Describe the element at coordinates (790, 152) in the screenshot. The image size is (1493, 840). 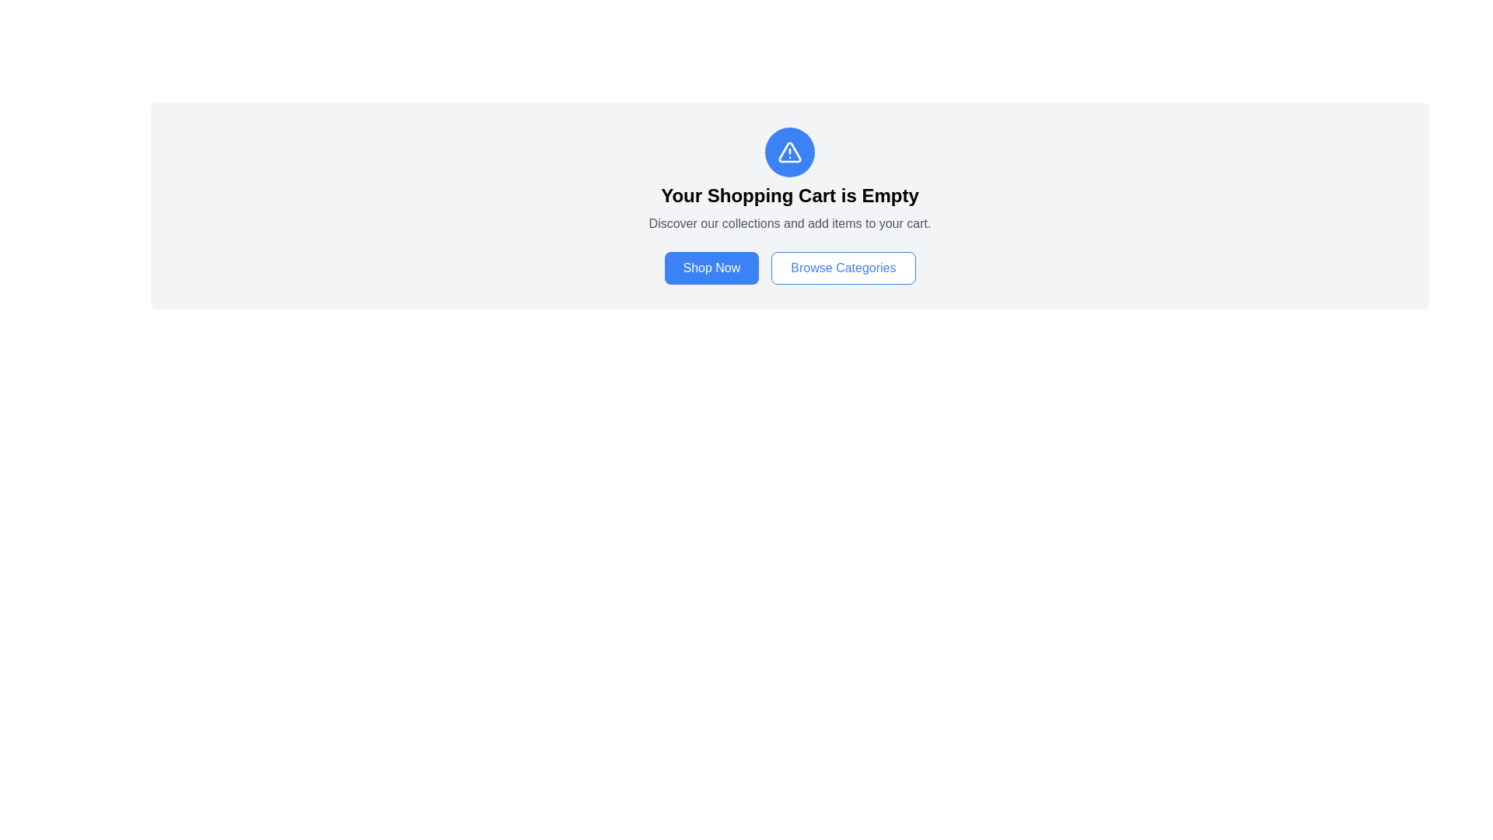
I see `the visual alert icon that indicates the shopping cart is empty, positioned above the text 'Your Shopping Cart is Empty'` at that location.